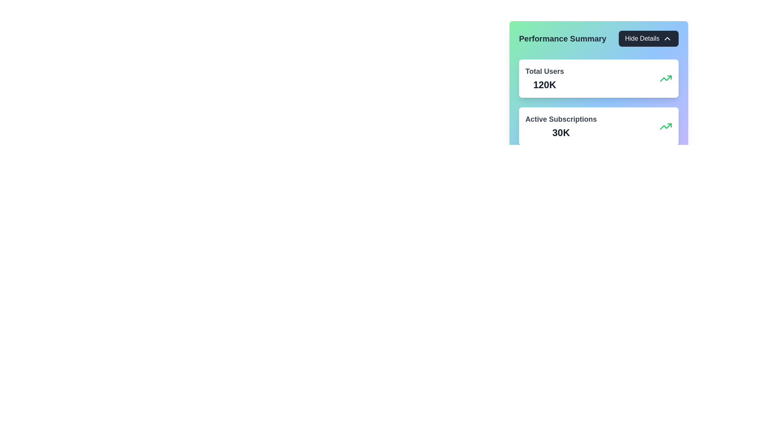 This screenshot has height=431, width=766. I want to click on the bold and large static text display showing '120K', which is located below the 'Total Users' label in the 'Performance Summary' section, so click(544, 85).